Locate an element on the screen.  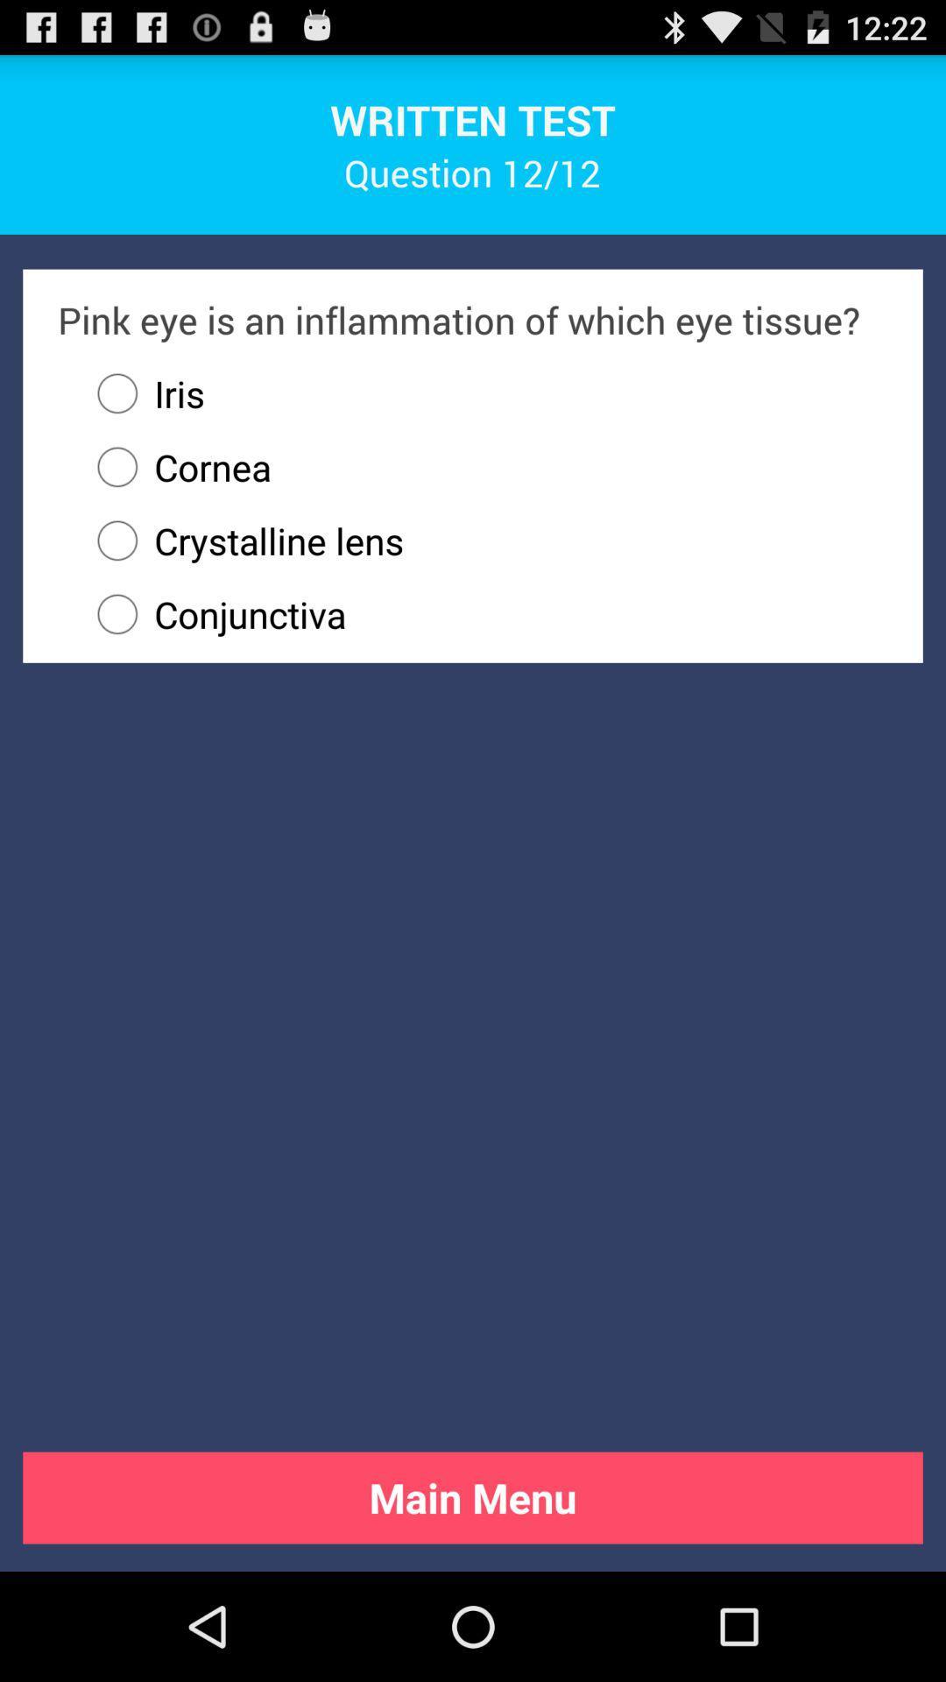
the item below the cornea icon is located at coordinates (484, 540).